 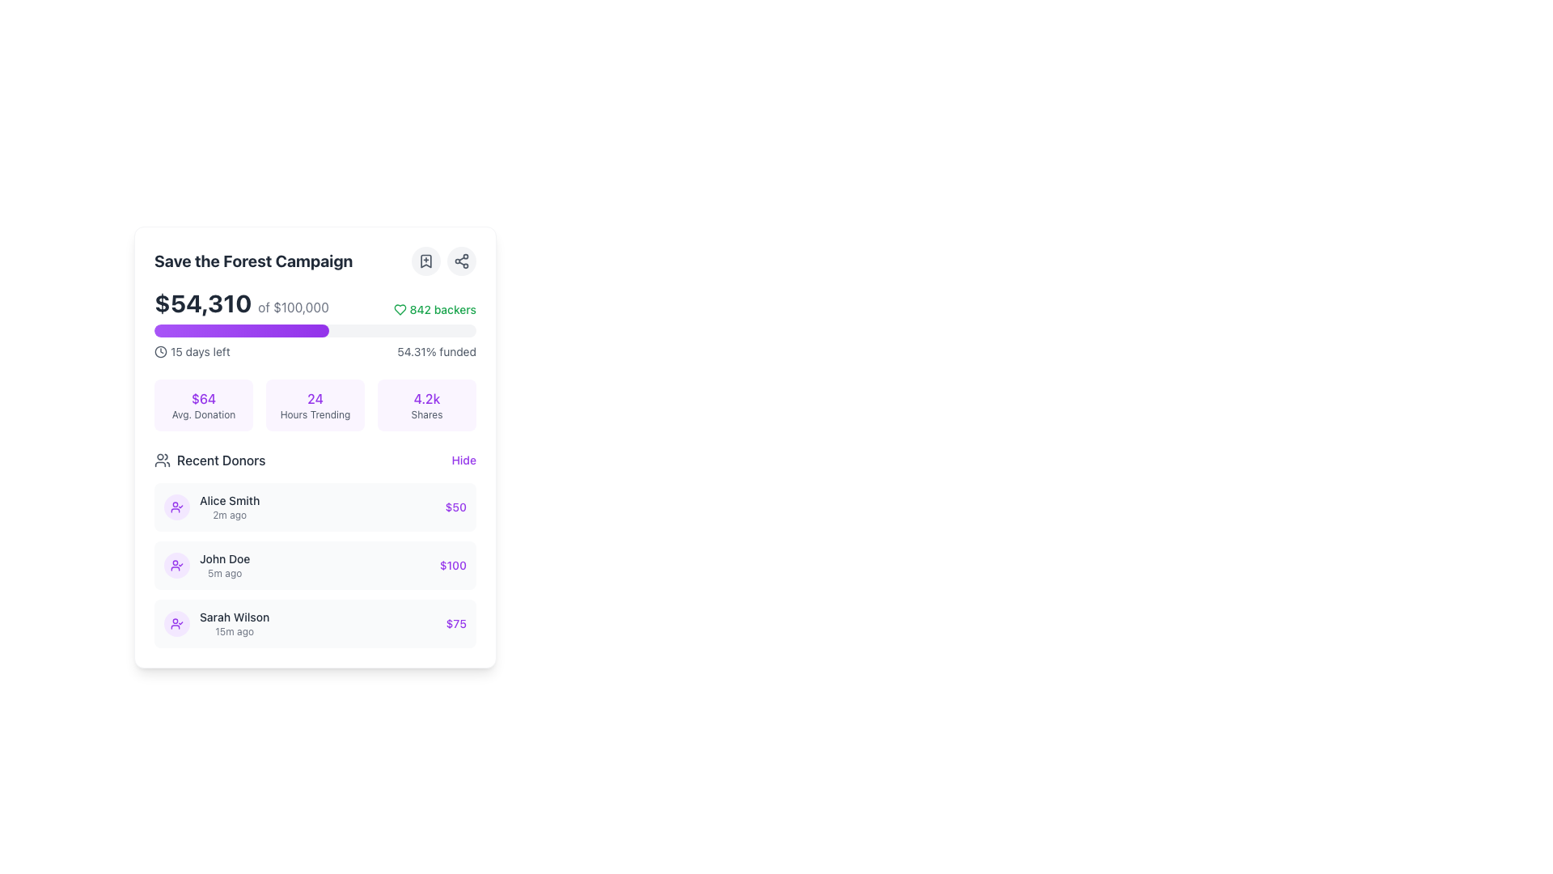 What do you see at coordinates (252, 261) in the screenshot?
I see `the title text label of the campaign, which is positioned at the top-left of a rectangular card-like component, above the numeric and statistical information` at bounding box center [252, 261].